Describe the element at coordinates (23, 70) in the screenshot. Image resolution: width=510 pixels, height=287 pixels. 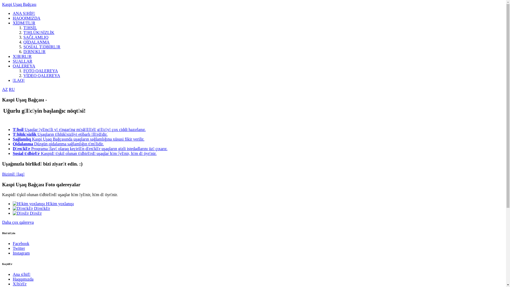
I see `'FOTO QALEREYA'` at that location.